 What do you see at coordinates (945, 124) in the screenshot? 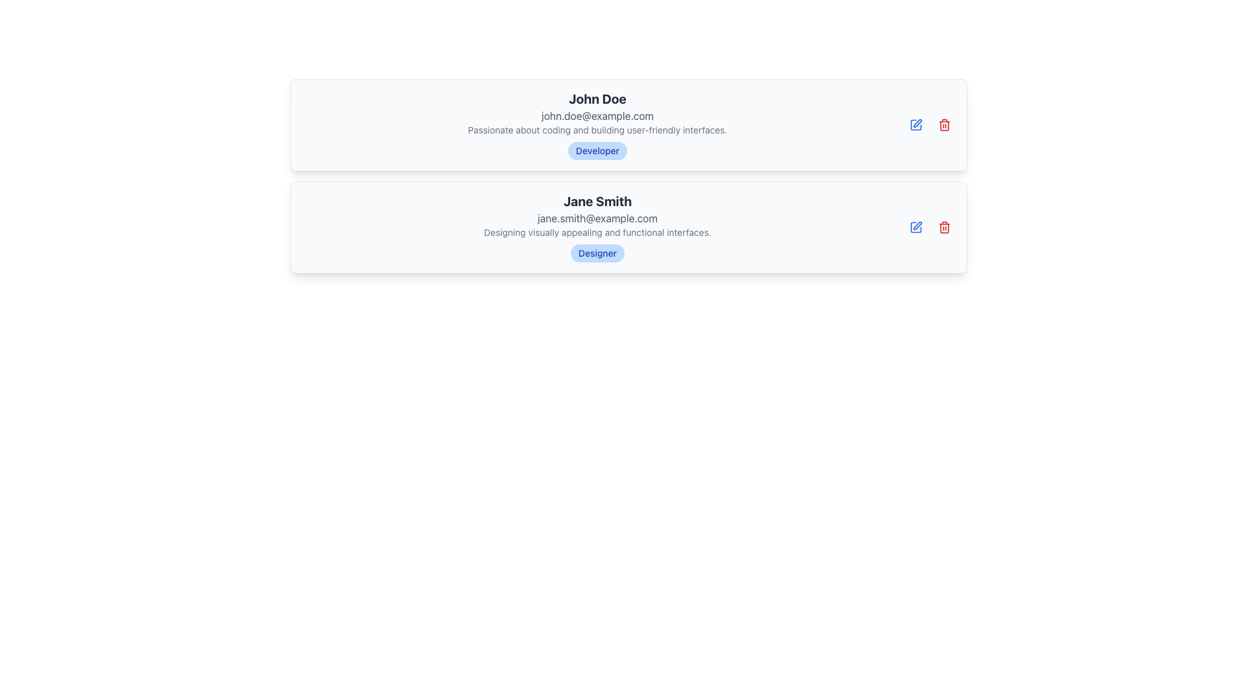
I see `the red outlined trash can icon button located in the top right section of the interface to initiate a delete action` at bounding box center [945, 124].